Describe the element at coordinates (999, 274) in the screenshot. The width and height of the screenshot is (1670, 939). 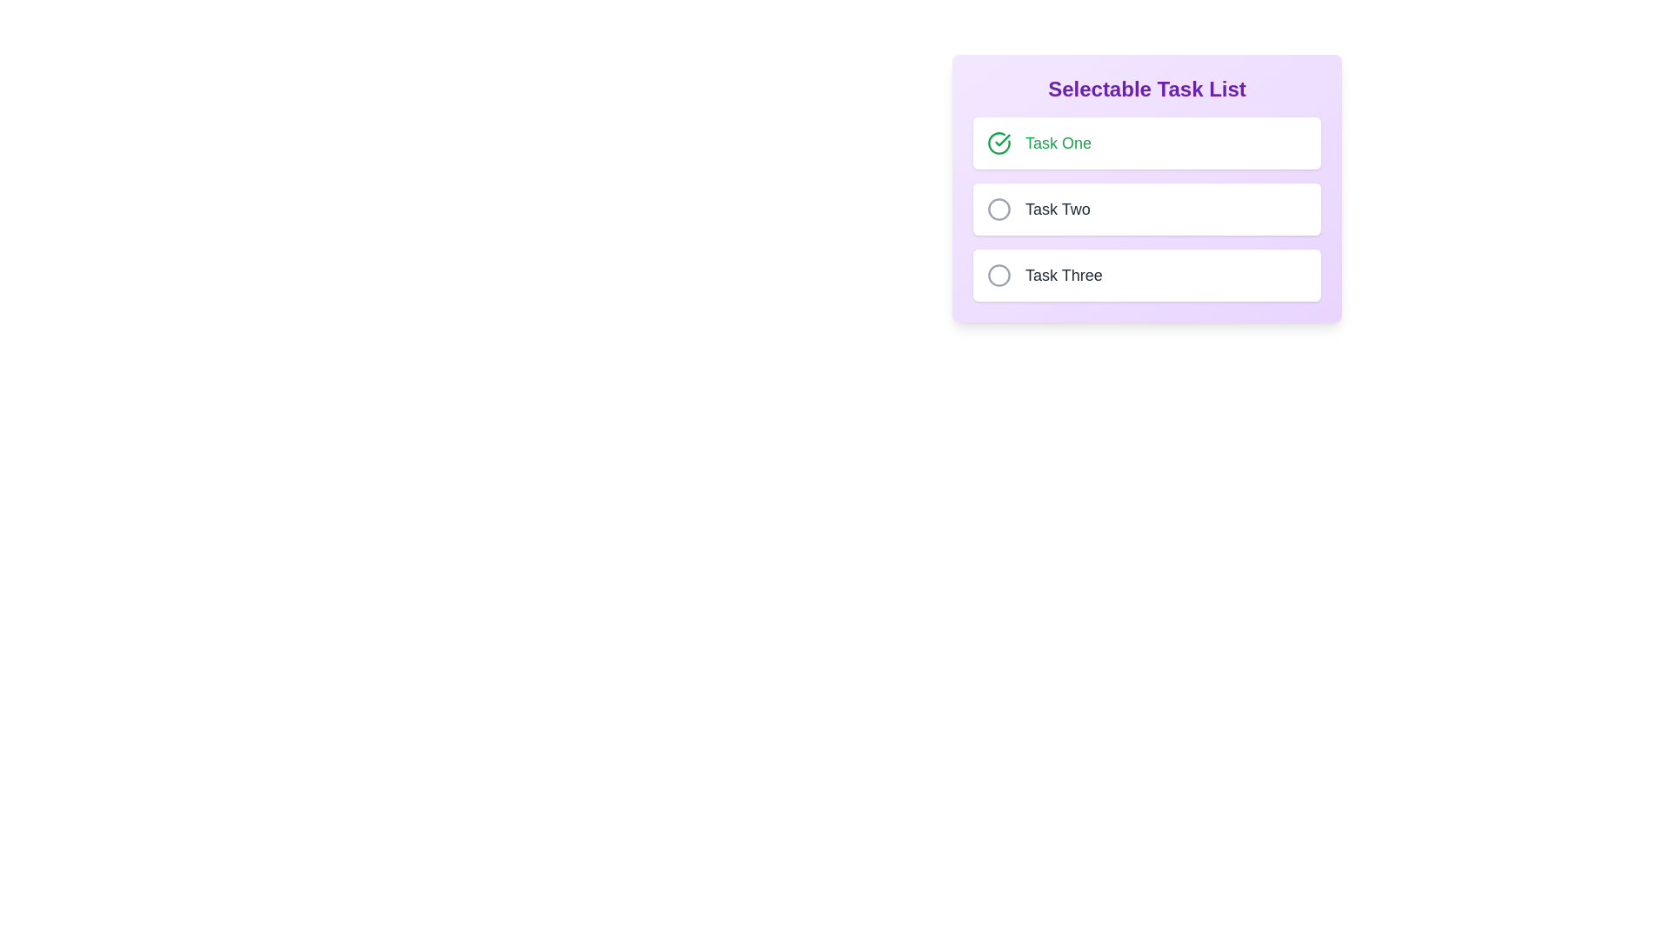
I see `the radio button for 'Task Three' in the 'Selectable Task List'` at that location.